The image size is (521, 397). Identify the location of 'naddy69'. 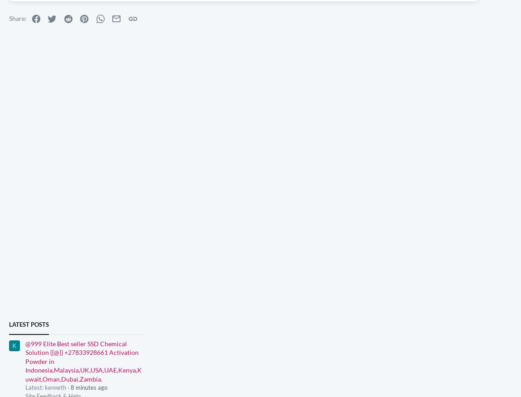
(375, 115).